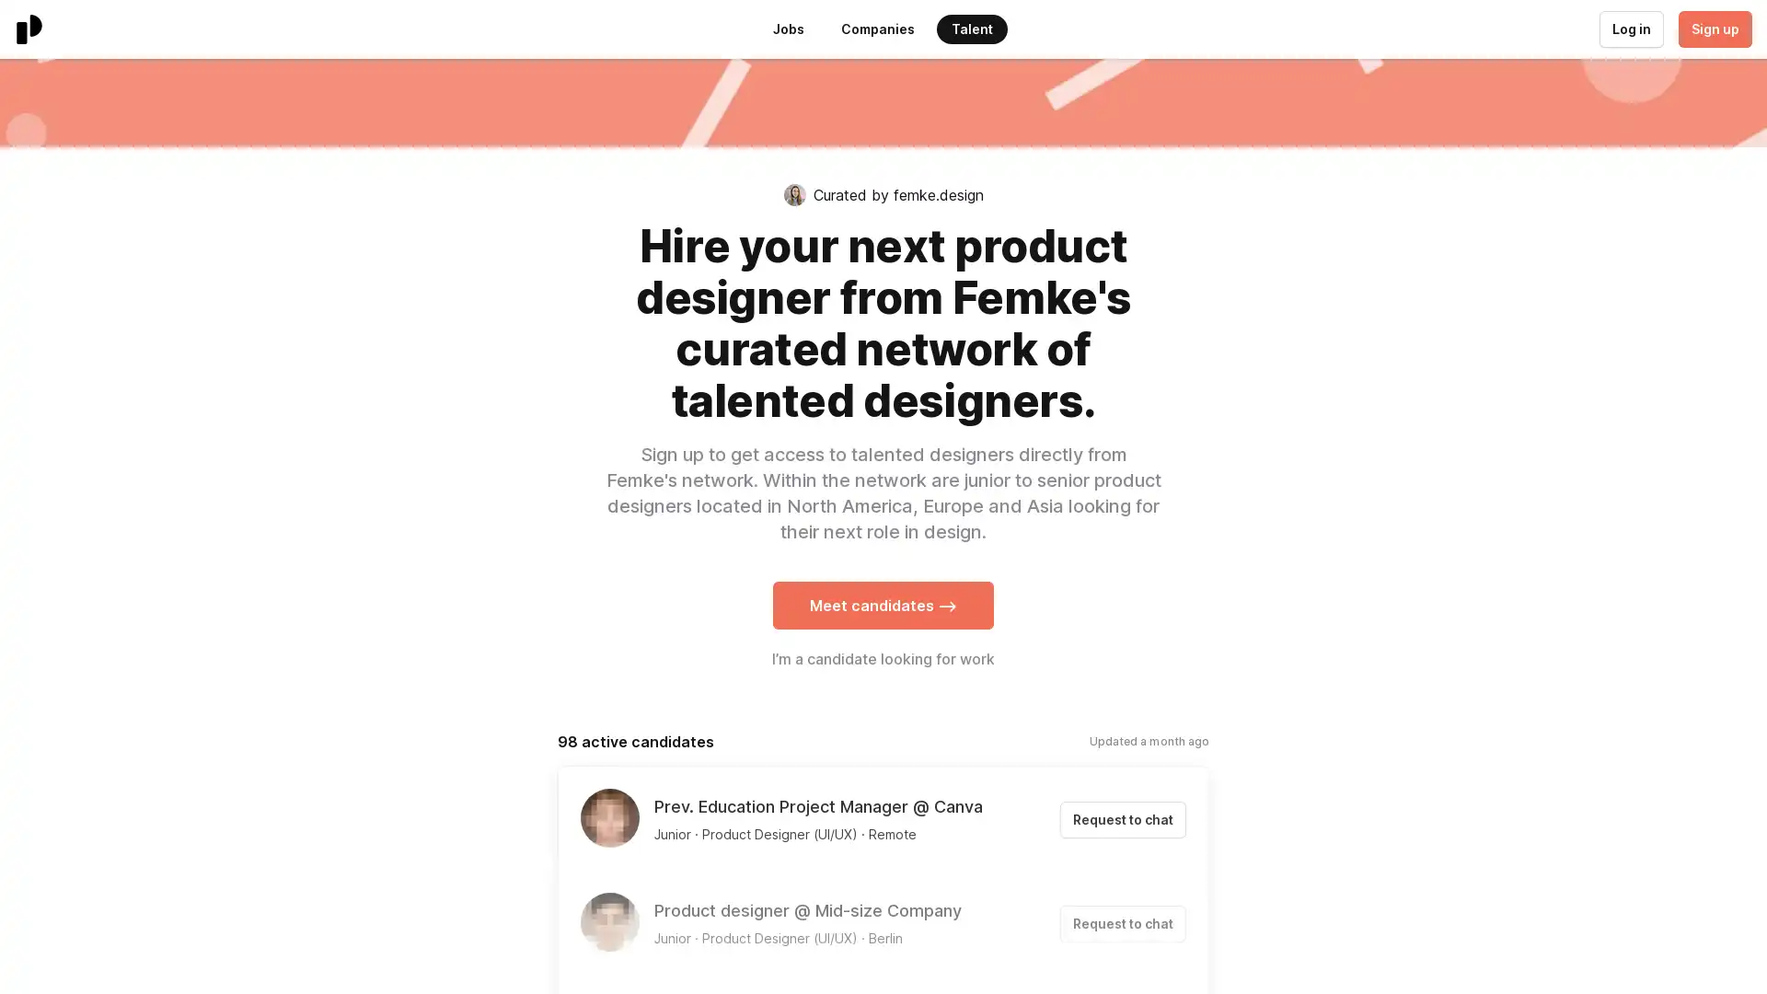 The image size is (1767, 994). What do you see at coordinates (1122, 819) in the screenshot?
I see `Request to chat` at bounding box center [1122, 819].